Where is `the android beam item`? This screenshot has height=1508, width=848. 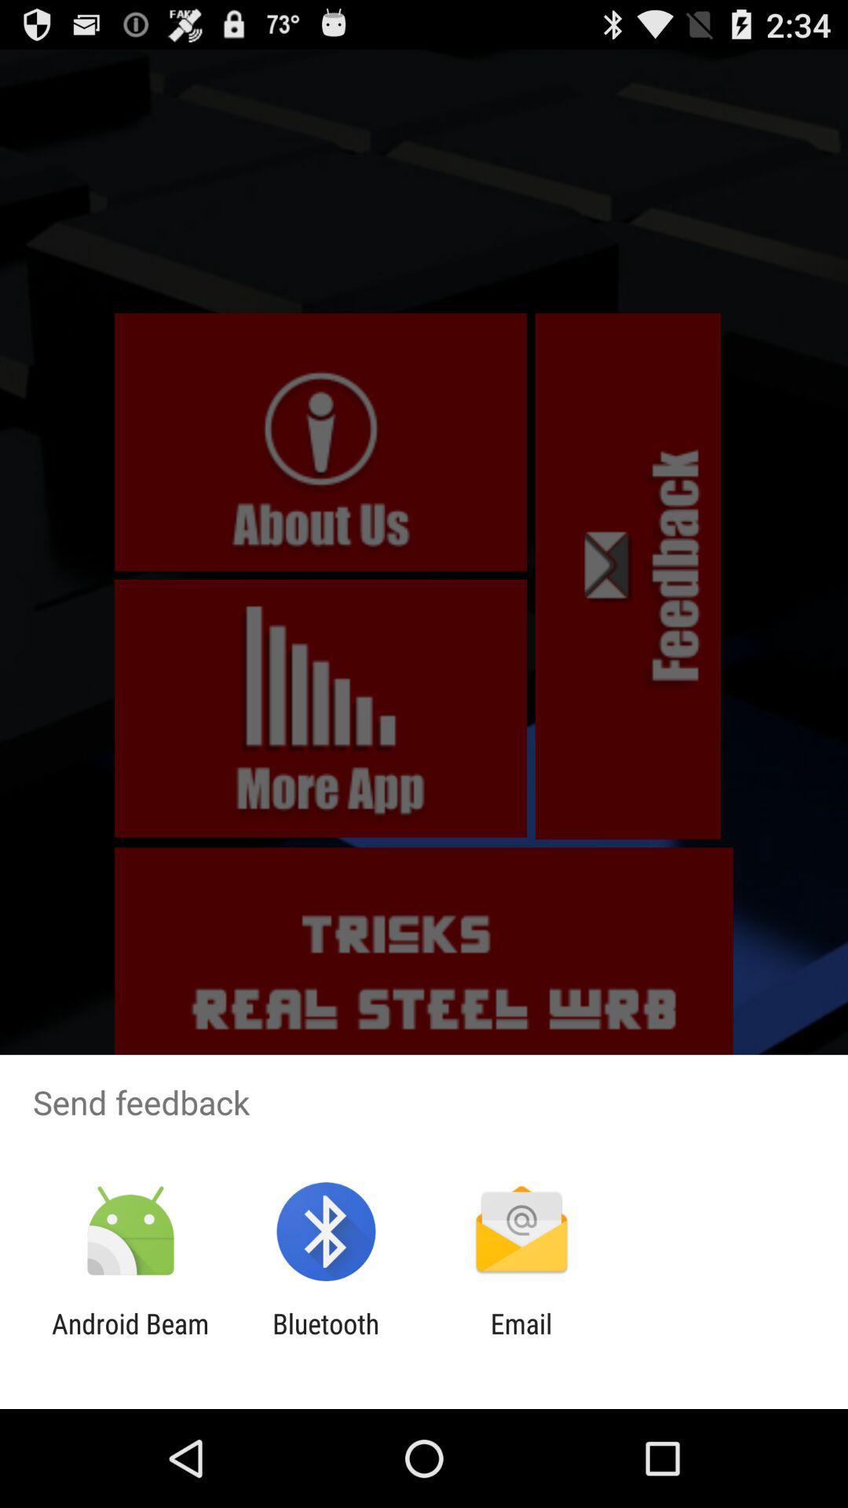
the android beam item is located at coordinates (130, 1339).